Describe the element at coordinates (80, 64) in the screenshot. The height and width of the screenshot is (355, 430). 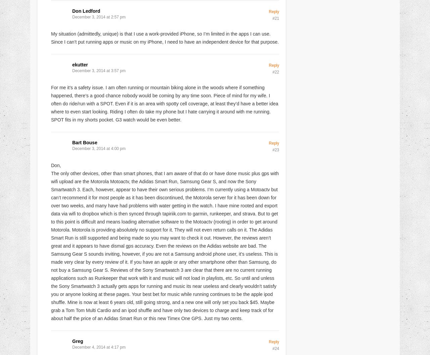
I see `'ekutter'` at that location.